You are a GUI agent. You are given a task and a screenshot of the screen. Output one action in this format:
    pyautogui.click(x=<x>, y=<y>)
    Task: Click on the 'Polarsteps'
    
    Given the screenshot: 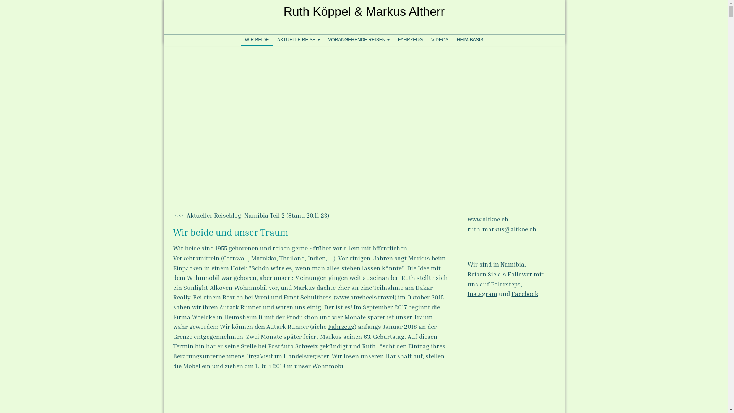 What is the action you would take?
    pyautogui.click(x=506, y=284)
    